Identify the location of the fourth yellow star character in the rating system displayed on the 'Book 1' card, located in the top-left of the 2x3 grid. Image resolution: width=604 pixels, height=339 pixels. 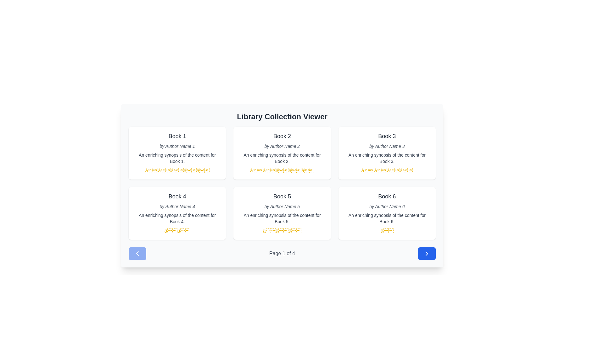
(190, 170).